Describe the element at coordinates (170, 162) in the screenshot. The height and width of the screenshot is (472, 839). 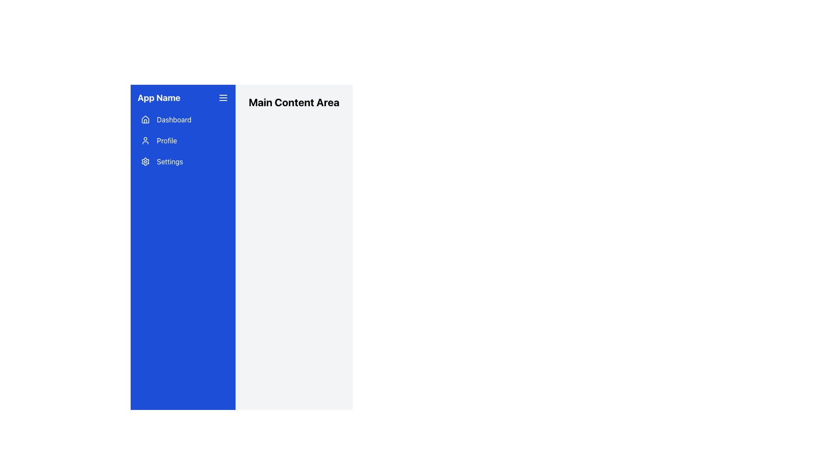
I see `the 'Settings' text label in the vertical navigation menu, which is styled in white font on a blue background and is adjacent to a gear icon` at that location.